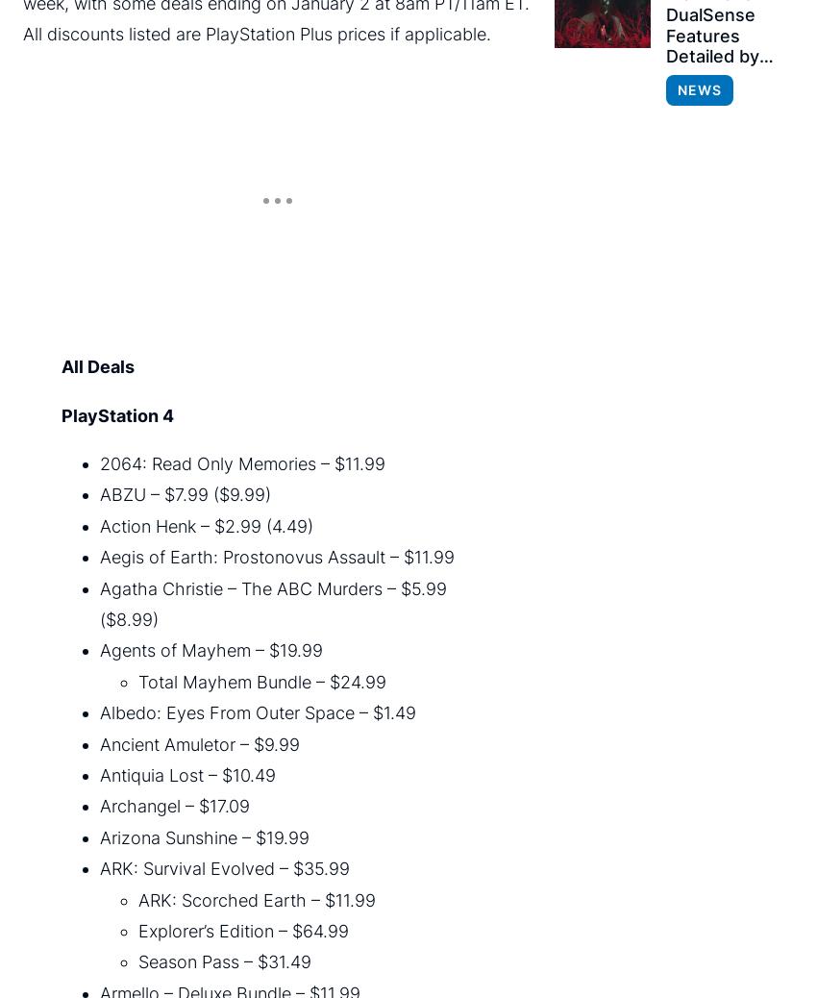 The image size is (817, 998). I want to click on 'Reminder:', so click(65, 643).